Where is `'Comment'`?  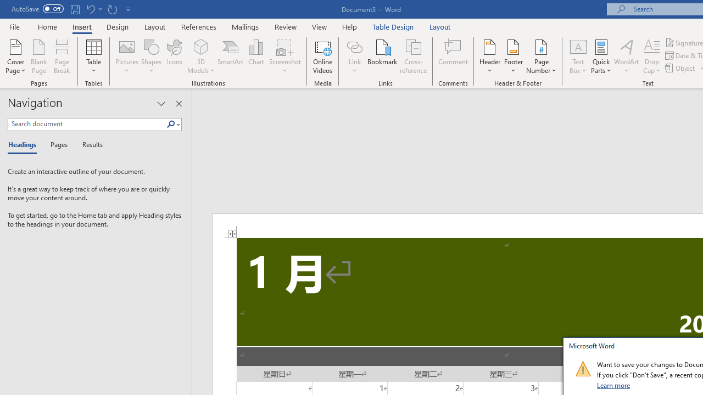 'Comment' is located at coordinates (453, 57).